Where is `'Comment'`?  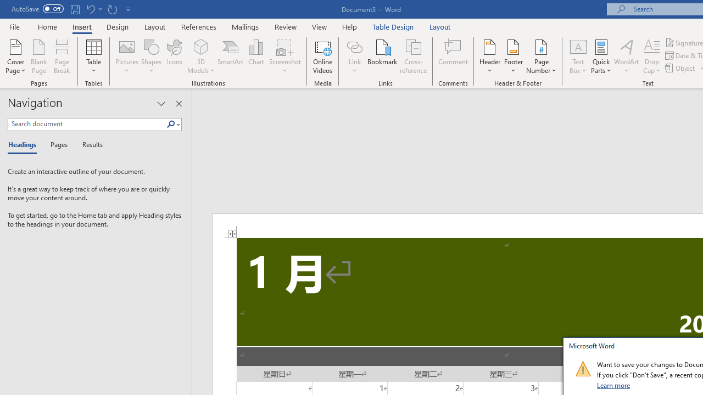 'Comment' is located at coordinates (453, 57).